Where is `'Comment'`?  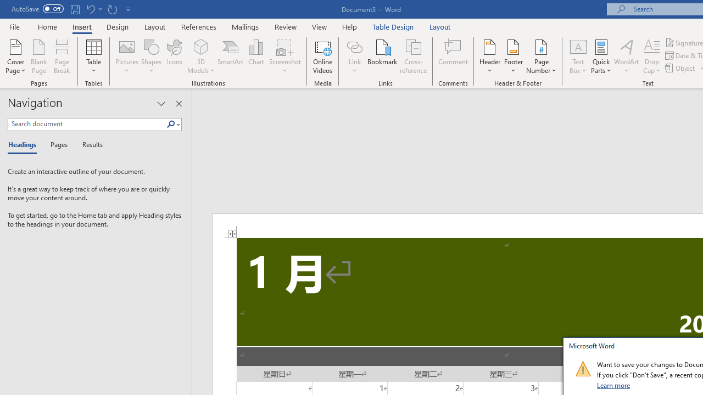 'Comment' is located at coordinates (453, 57).